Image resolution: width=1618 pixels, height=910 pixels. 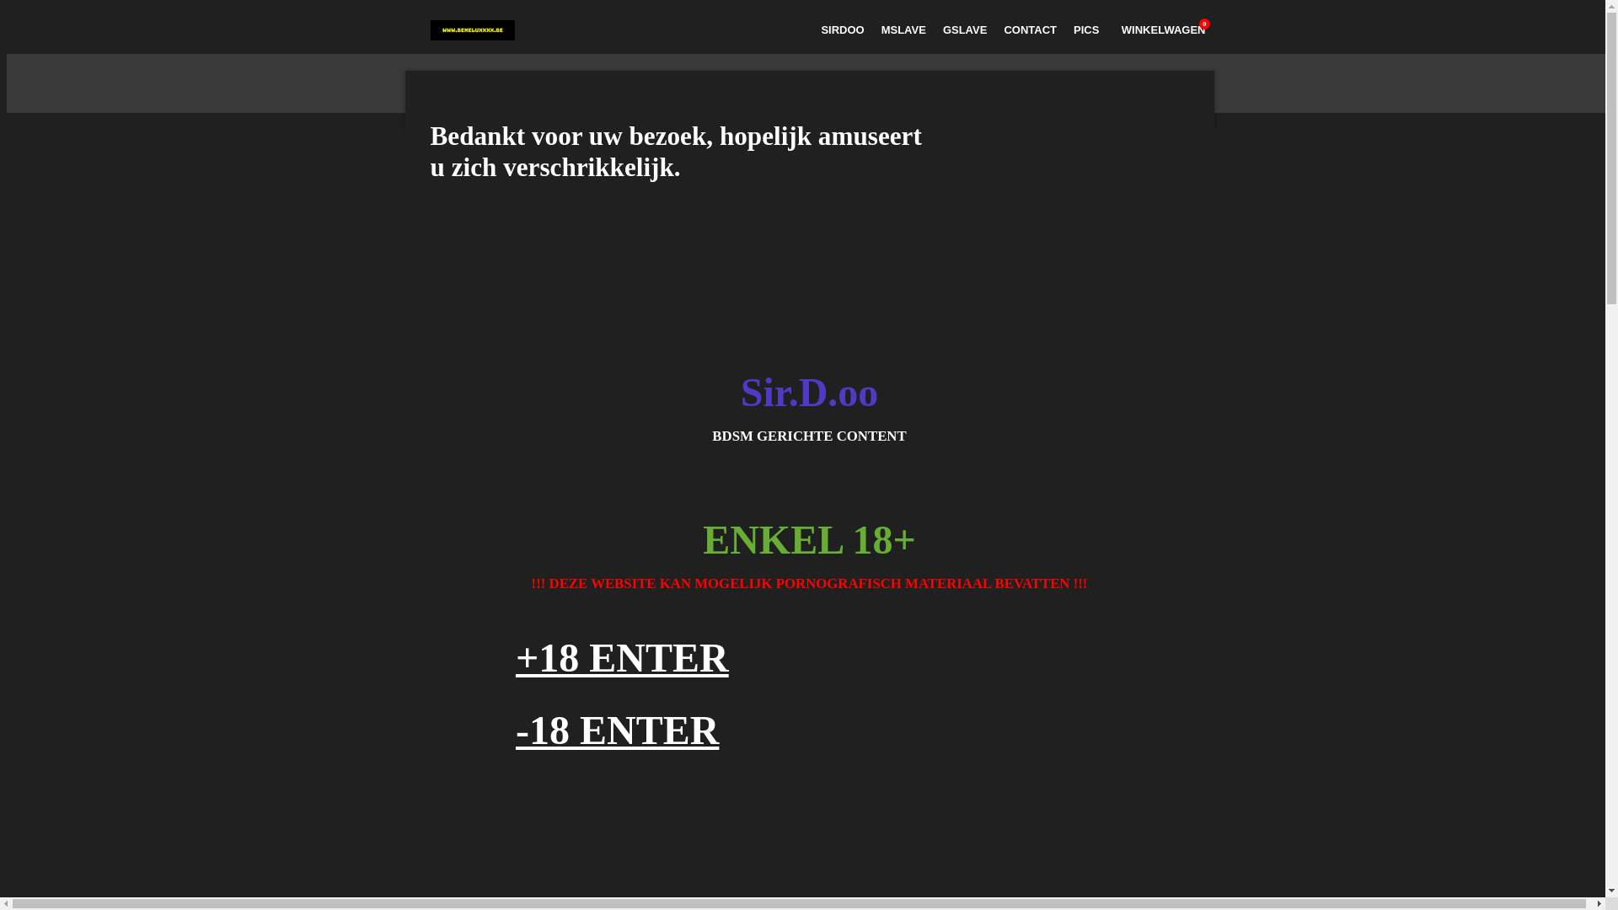 What do you see at coordinates (1086, 29) in the screenshot?
I see `'PICS'` at bounding box center [1086, 29].